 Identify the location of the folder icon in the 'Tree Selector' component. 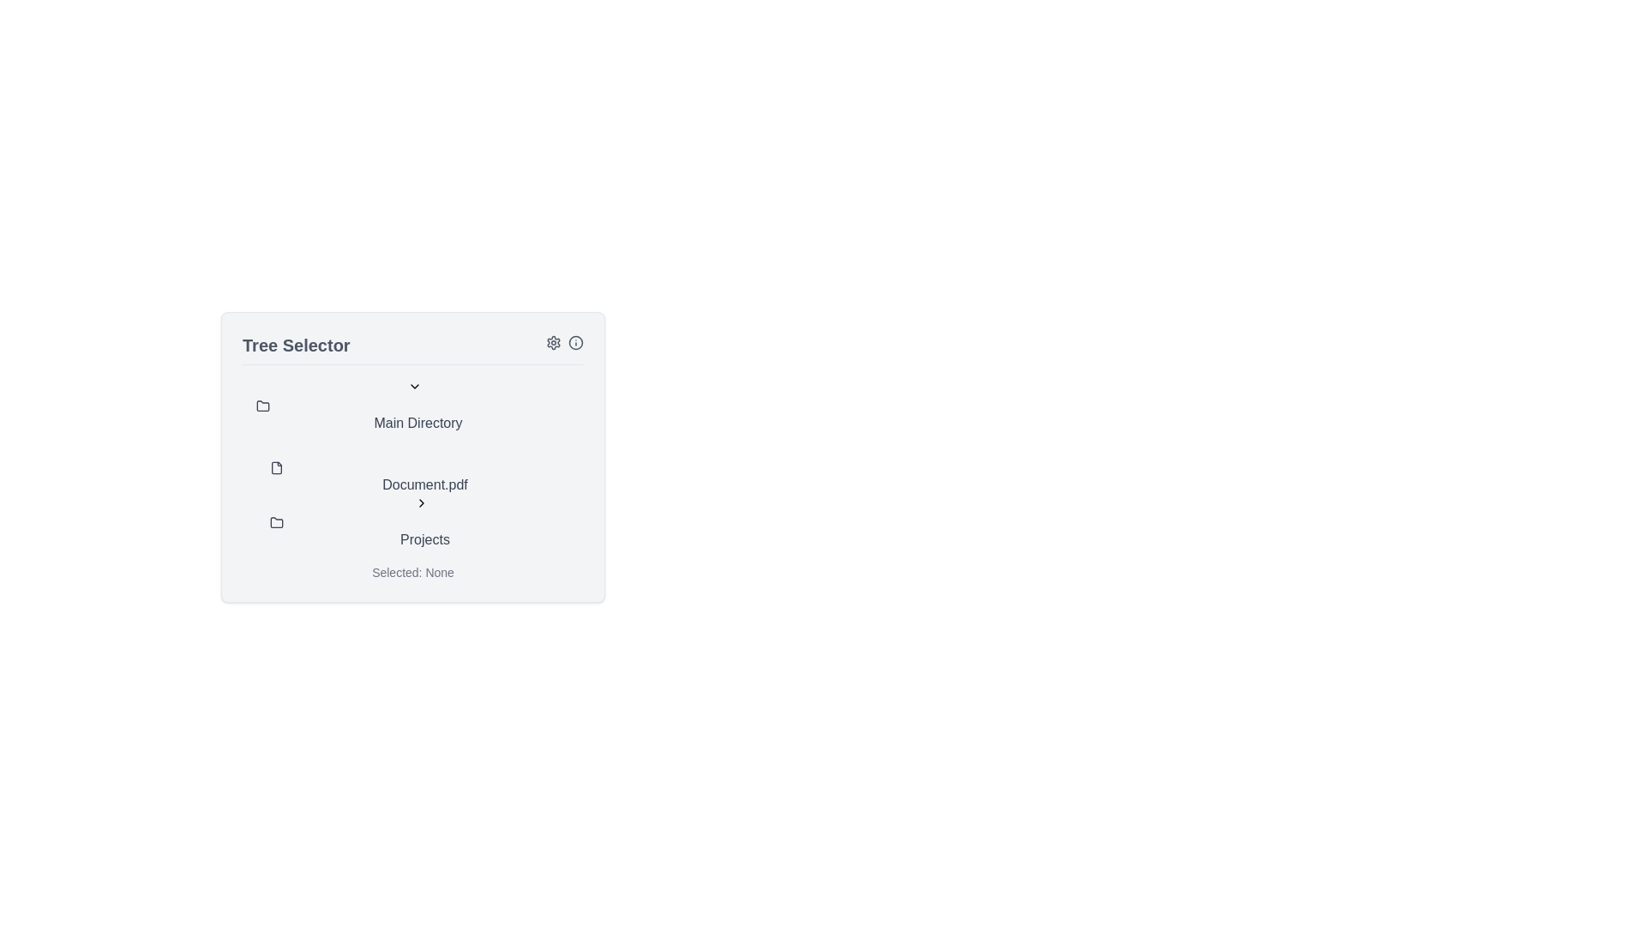
(276, 521).